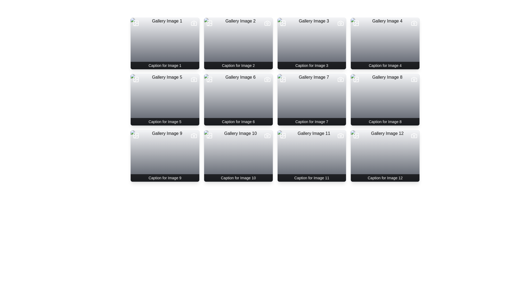 This screenshot has height=289, width=513. Describe the element at coordinates (136, 79) in the screenshot. I see `the icon located` at that location.